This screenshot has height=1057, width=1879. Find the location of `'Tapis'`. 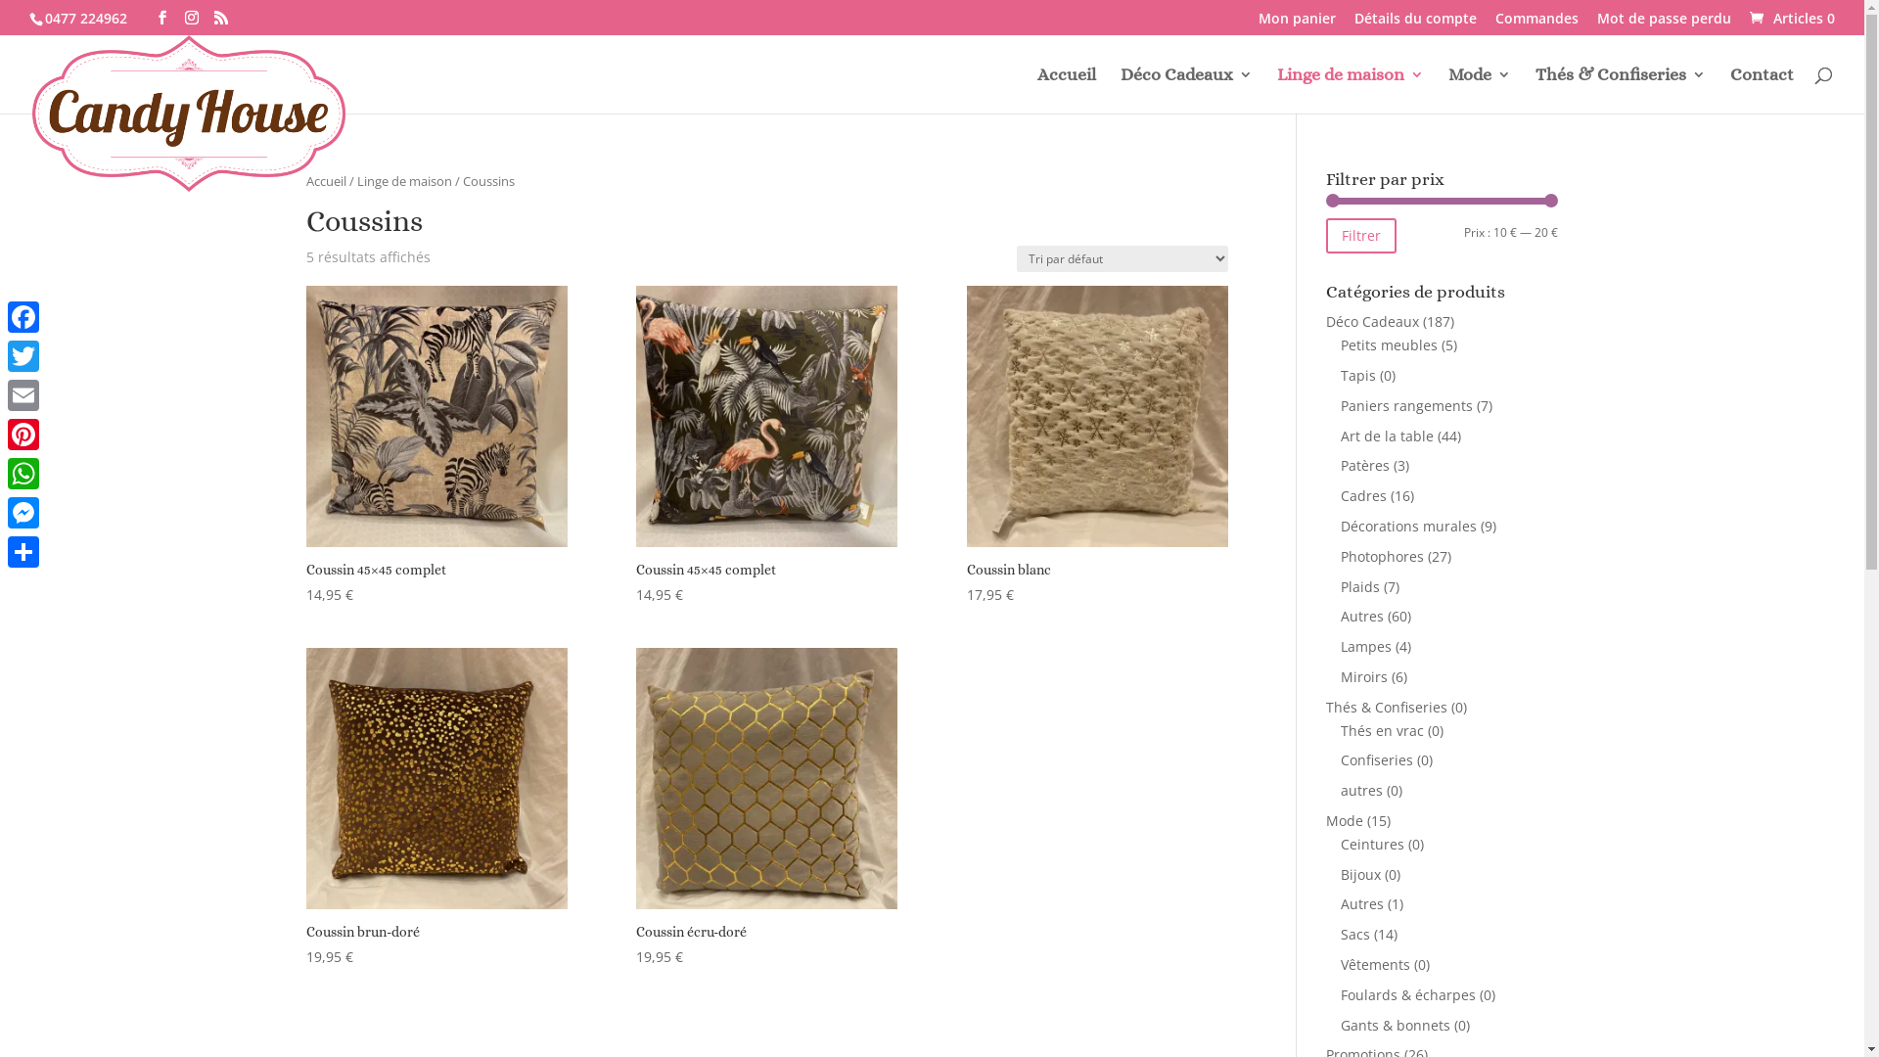

'Tapis' is located at coordinates (1339, 375).